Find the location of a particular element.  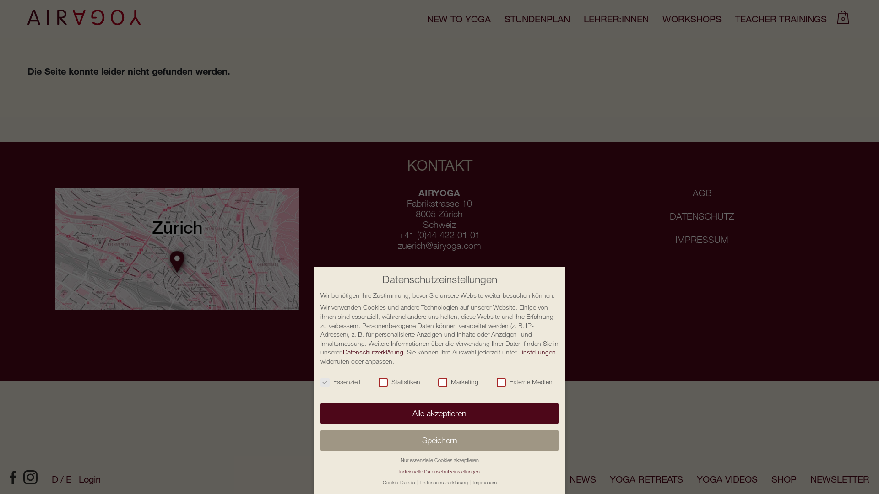

'Studio Fabrikstrasse' is located at coordinates (177, 248).